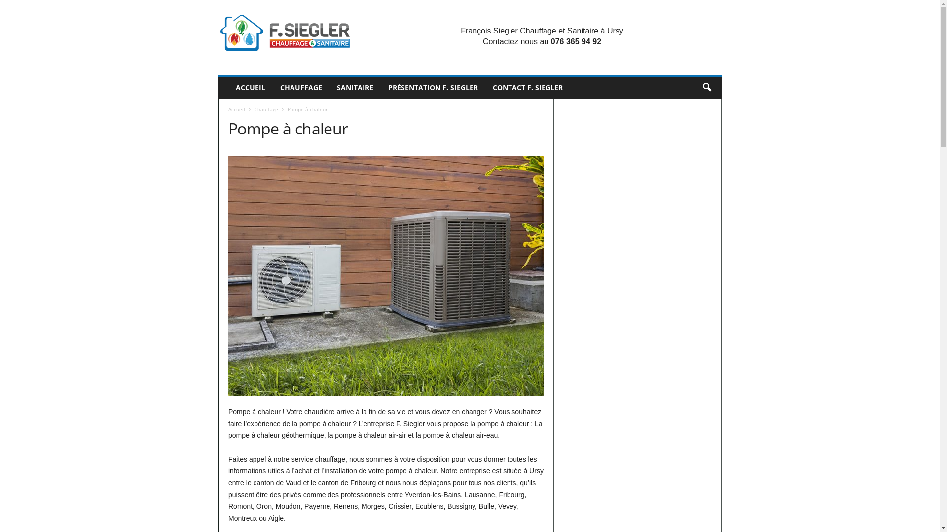 The image size is (947, 532). What do you see at coordinates (355, 87) in the screenshot?
I see `'SANITAIRE'` at bounding box center [355, 87].